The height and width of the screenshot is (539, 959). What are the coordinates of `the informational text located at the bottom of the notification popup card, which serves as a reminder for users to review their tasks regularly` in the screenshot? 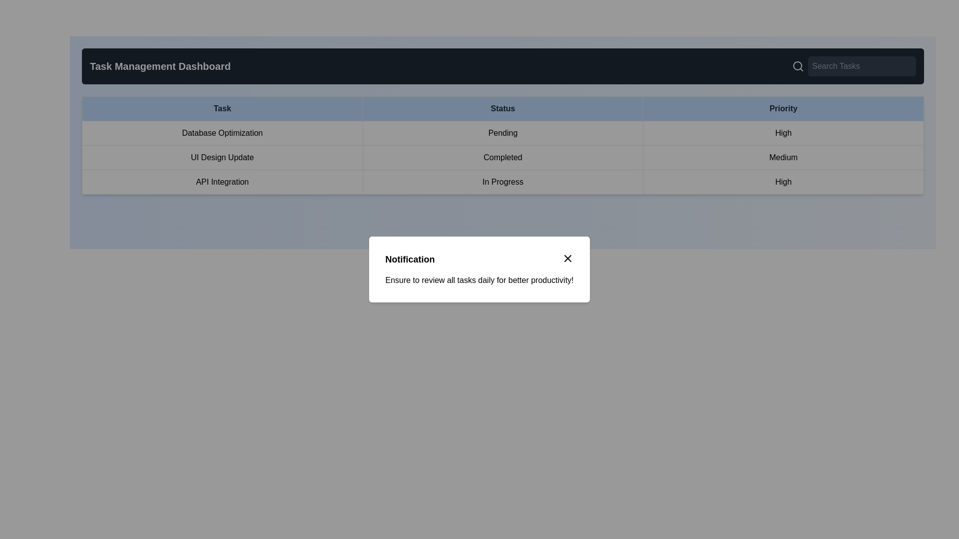 It's located at (479, 280).